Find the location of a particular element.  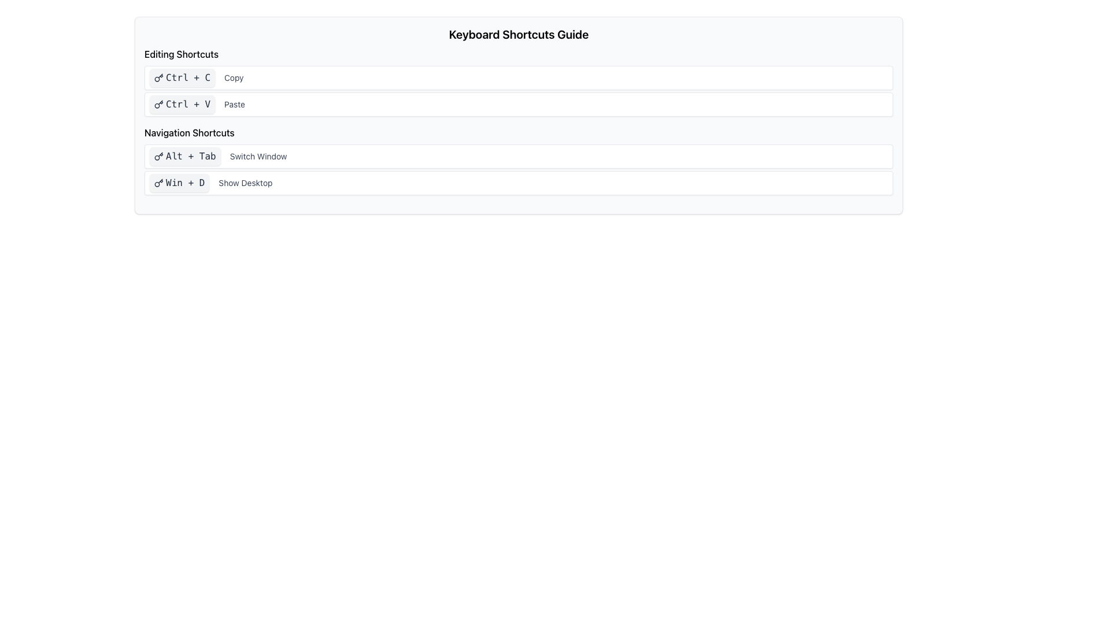

the key icon located at the left side of the 'Ctrl + C' button in the 'Editing Shortcuts' section, which is styled in a simple outline format is located at coordinates (158, 78).